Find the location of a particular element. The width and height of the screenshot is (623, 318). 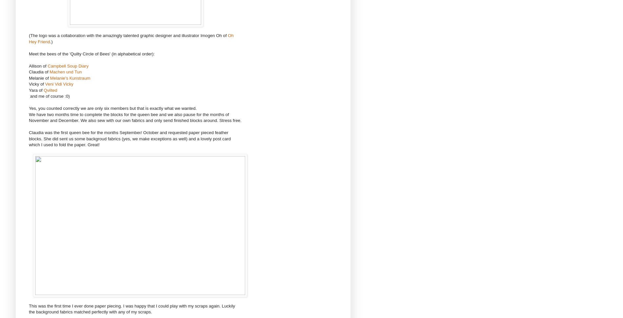

'Melanie's Kunstraum' is located at coordinates (70, 78).